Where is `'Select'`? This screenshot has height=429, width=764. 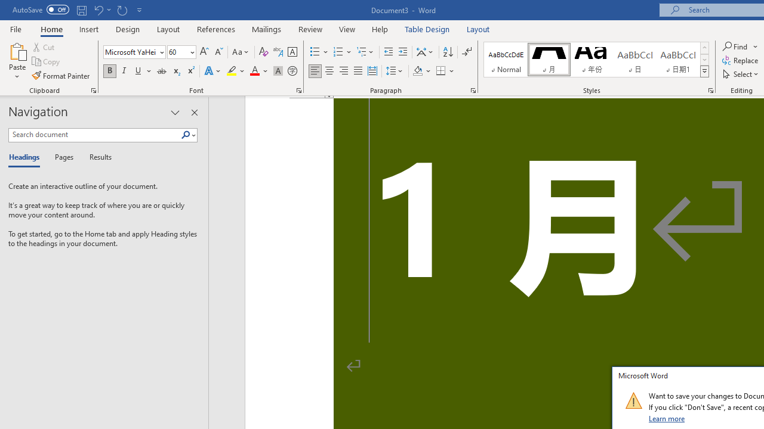 'Select' is located at coordinates (741, 74).